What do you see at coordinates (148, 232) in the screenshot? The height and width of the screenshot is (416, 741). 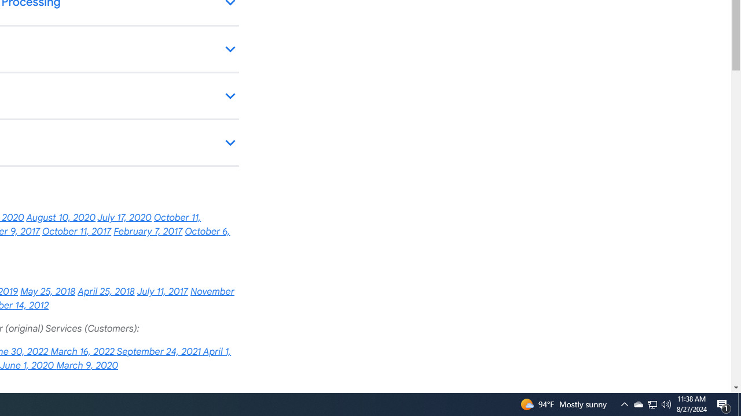 I see `'February 7, 2017'` at bounding box center [148, 232].